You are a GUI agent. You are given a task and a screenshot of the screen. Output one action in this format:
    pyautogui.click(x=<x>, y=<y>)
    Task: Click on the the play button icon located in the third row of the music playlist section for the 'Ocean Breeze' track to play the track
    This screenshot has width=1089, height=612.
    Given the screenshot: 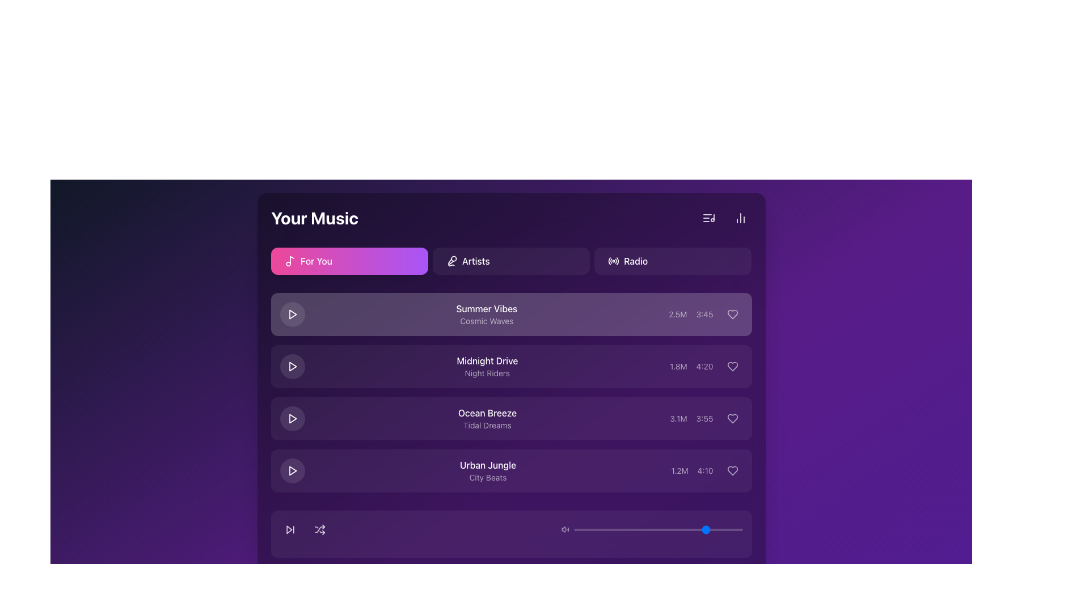 What is the action you would take?
    pyautogui.click(x=292, y=419)
    